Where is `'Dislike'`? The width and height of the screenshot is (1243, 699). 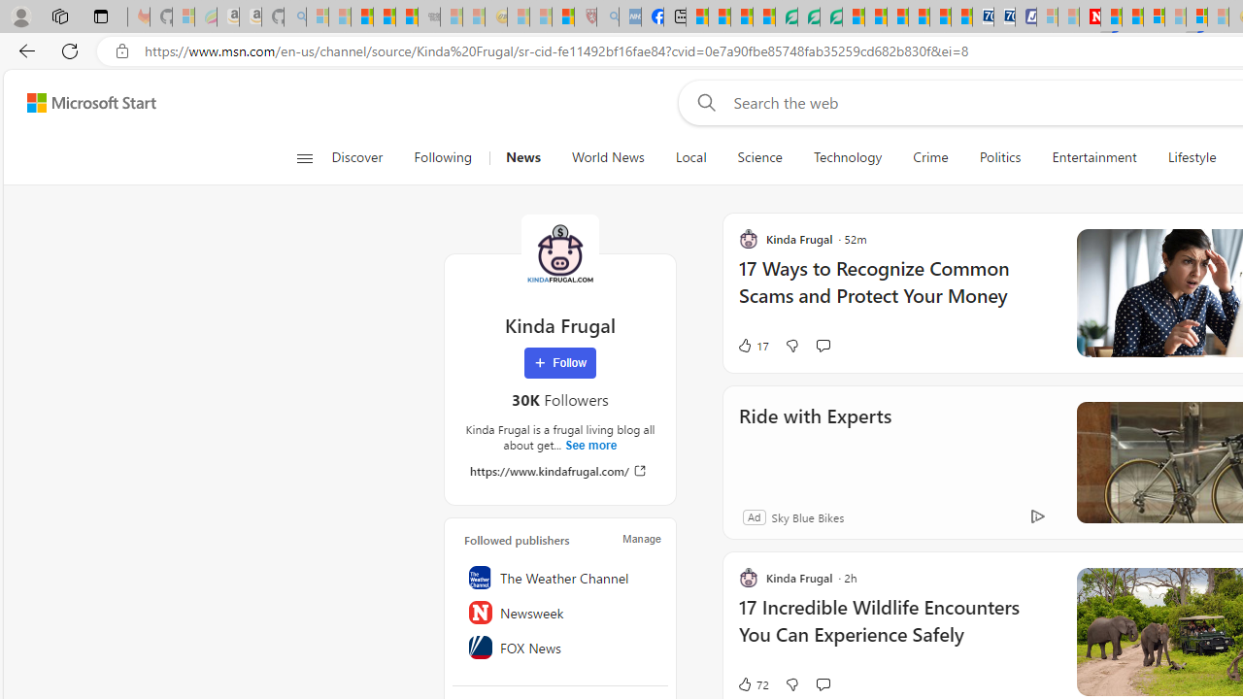 'Dislike' is located at coordinates (791, 682).